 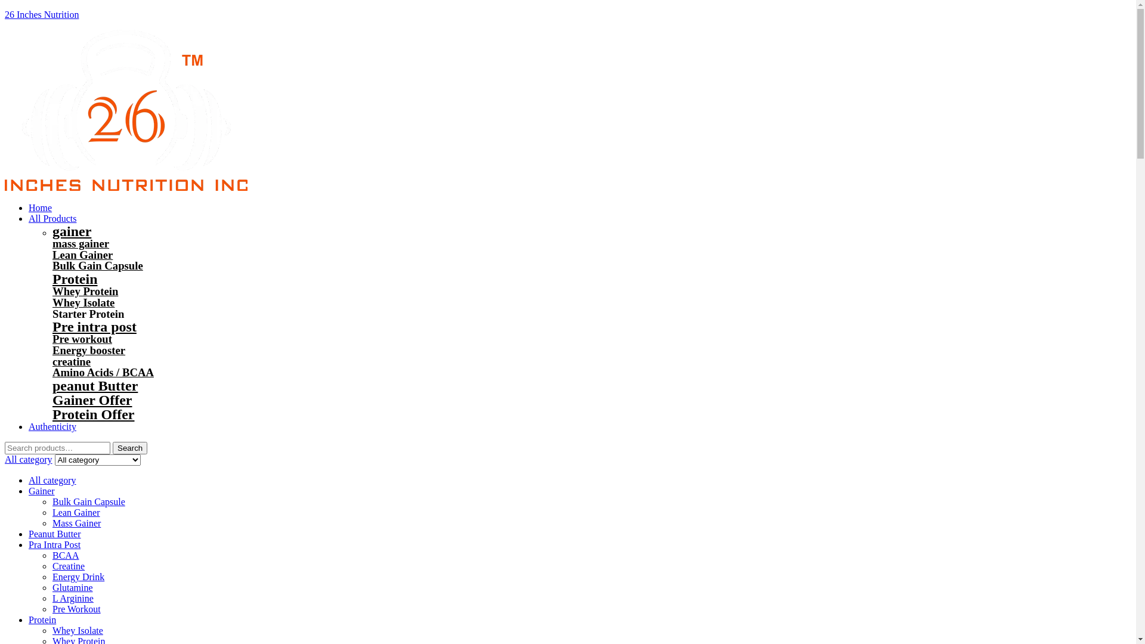 What do you see at coordinates (68, 565) in the screenshot?
I see `'Creatine'` at bounding box center [68, 565].